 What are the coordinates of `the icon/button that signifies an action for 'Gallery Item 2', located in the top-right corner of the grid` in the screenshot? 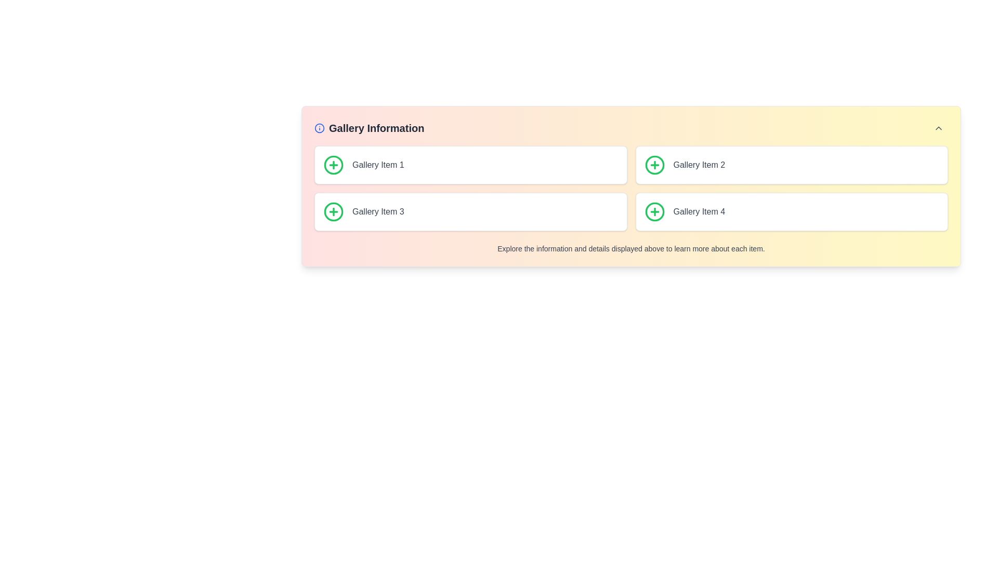 It's located at (654, 164).